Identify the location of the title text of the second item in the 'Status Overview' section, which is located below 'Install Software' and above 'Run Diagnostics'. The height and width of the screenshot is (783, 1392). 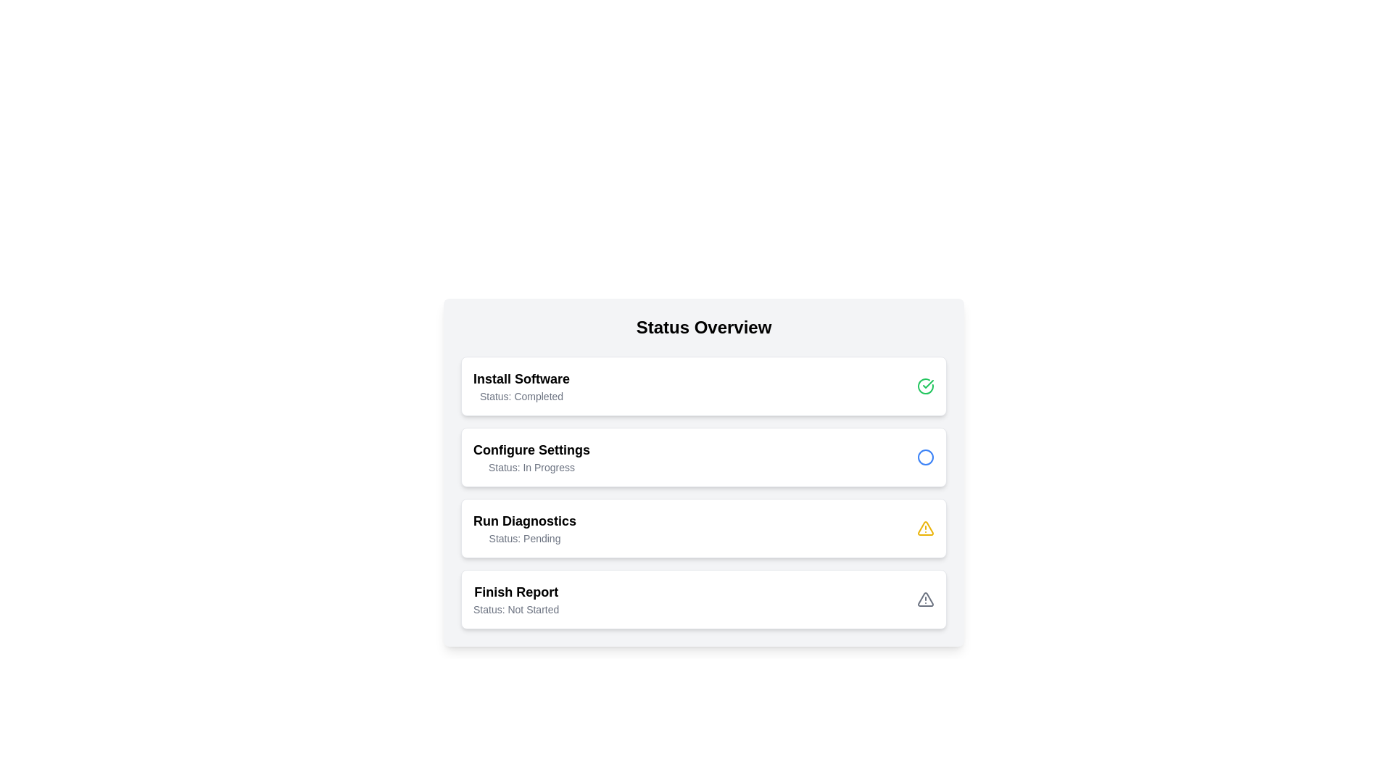
(531, 449).